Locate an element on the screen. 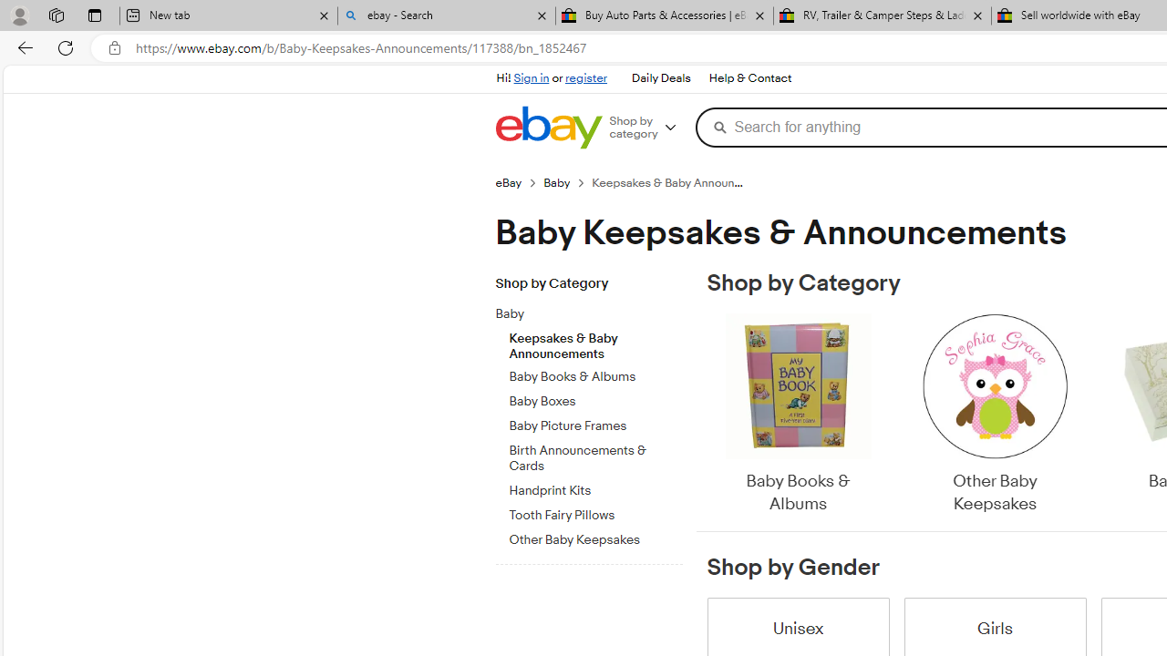 The image size is (1167, 656). 'Keepsakes & Baby Announcements' is located at coordinates (595, 342).